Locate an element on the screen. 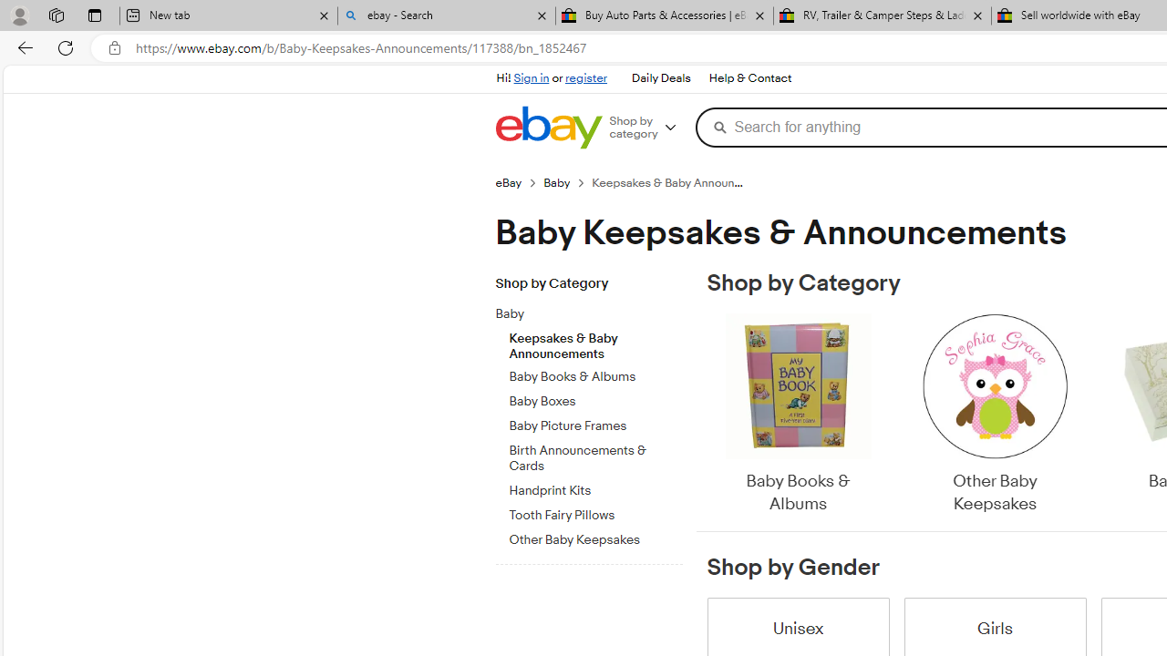 The image size is (1167, 656). 'Keepsakes & Baby Announcements' is located at coordinates (595, 342).